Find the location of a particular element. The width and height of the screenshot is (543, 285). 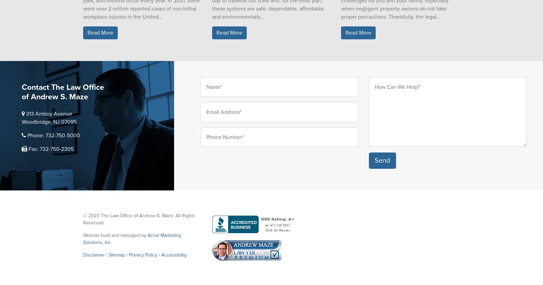

'of Andrew S. Maze' is located at coordinates (21, 97).